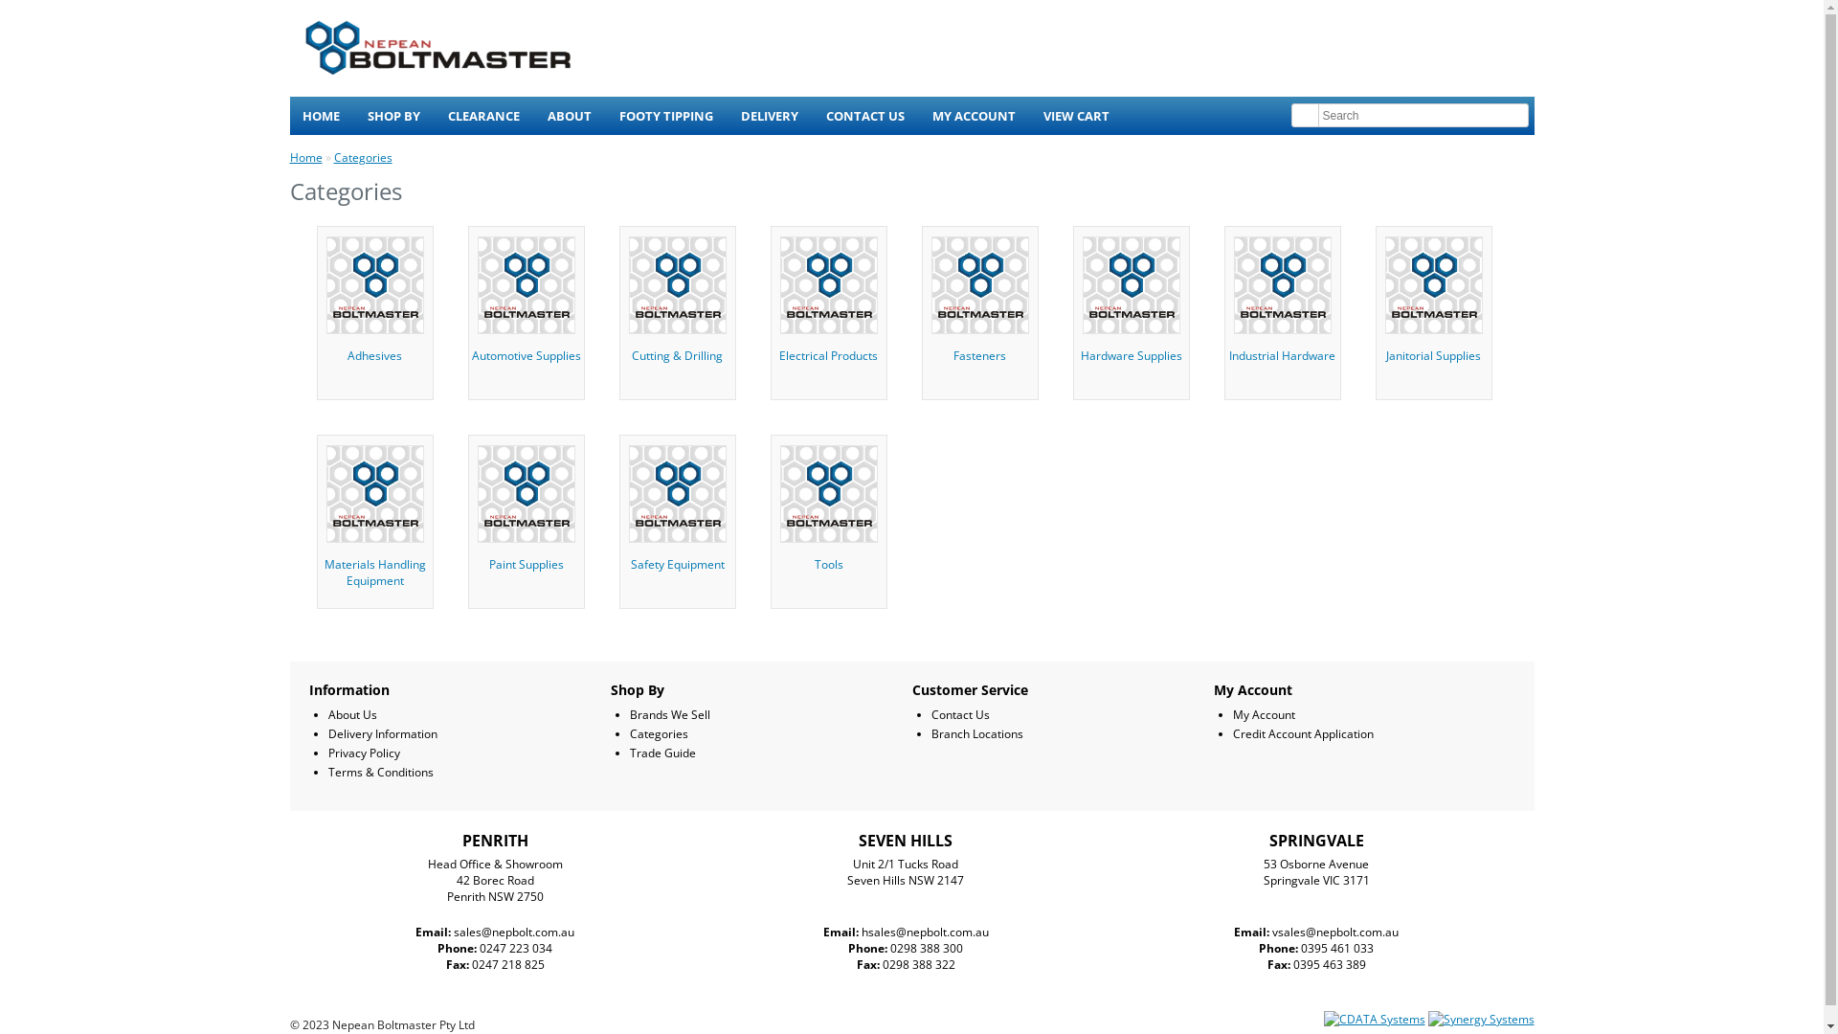 This screenshot has height=1034, width=1838. Describe the element at coordinates (975, 732) in the screenshot. I see `'Branch Locations'` at that location.